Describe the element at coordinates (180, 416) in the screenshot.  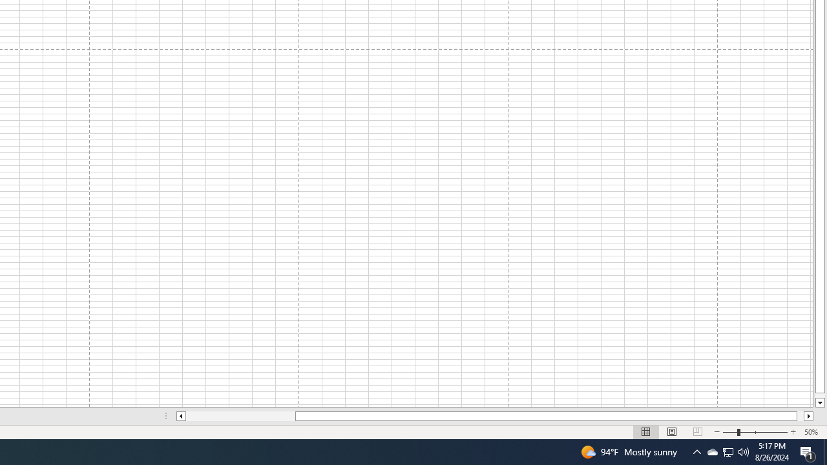
I see `'Column left'` at that location.